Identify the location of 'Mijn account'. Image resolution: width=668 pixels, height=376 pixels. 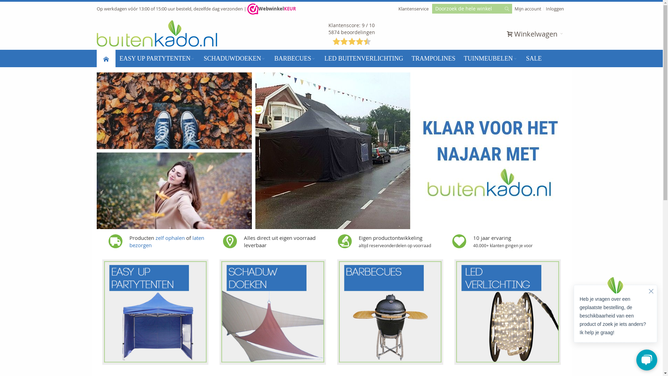
(528, 8).